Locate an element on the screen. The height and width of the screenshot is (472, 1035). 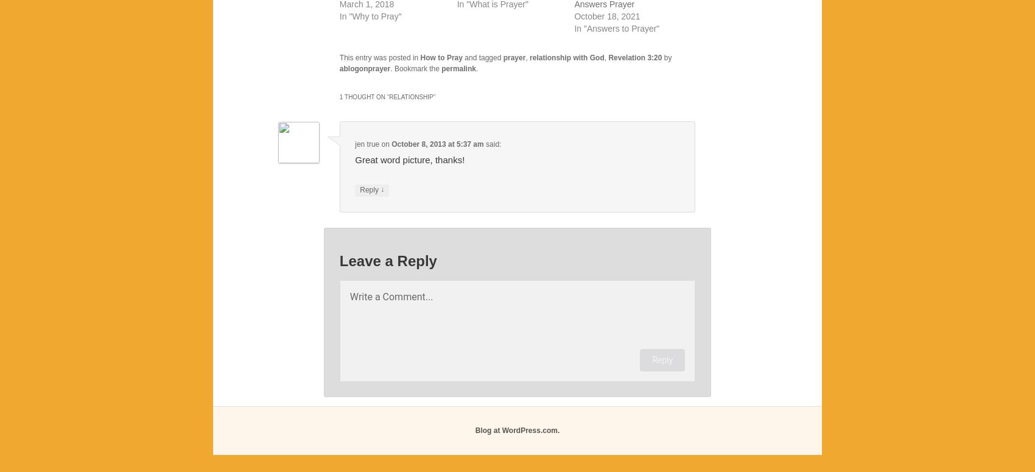
'jen true' is located at coordinates (354, 143).